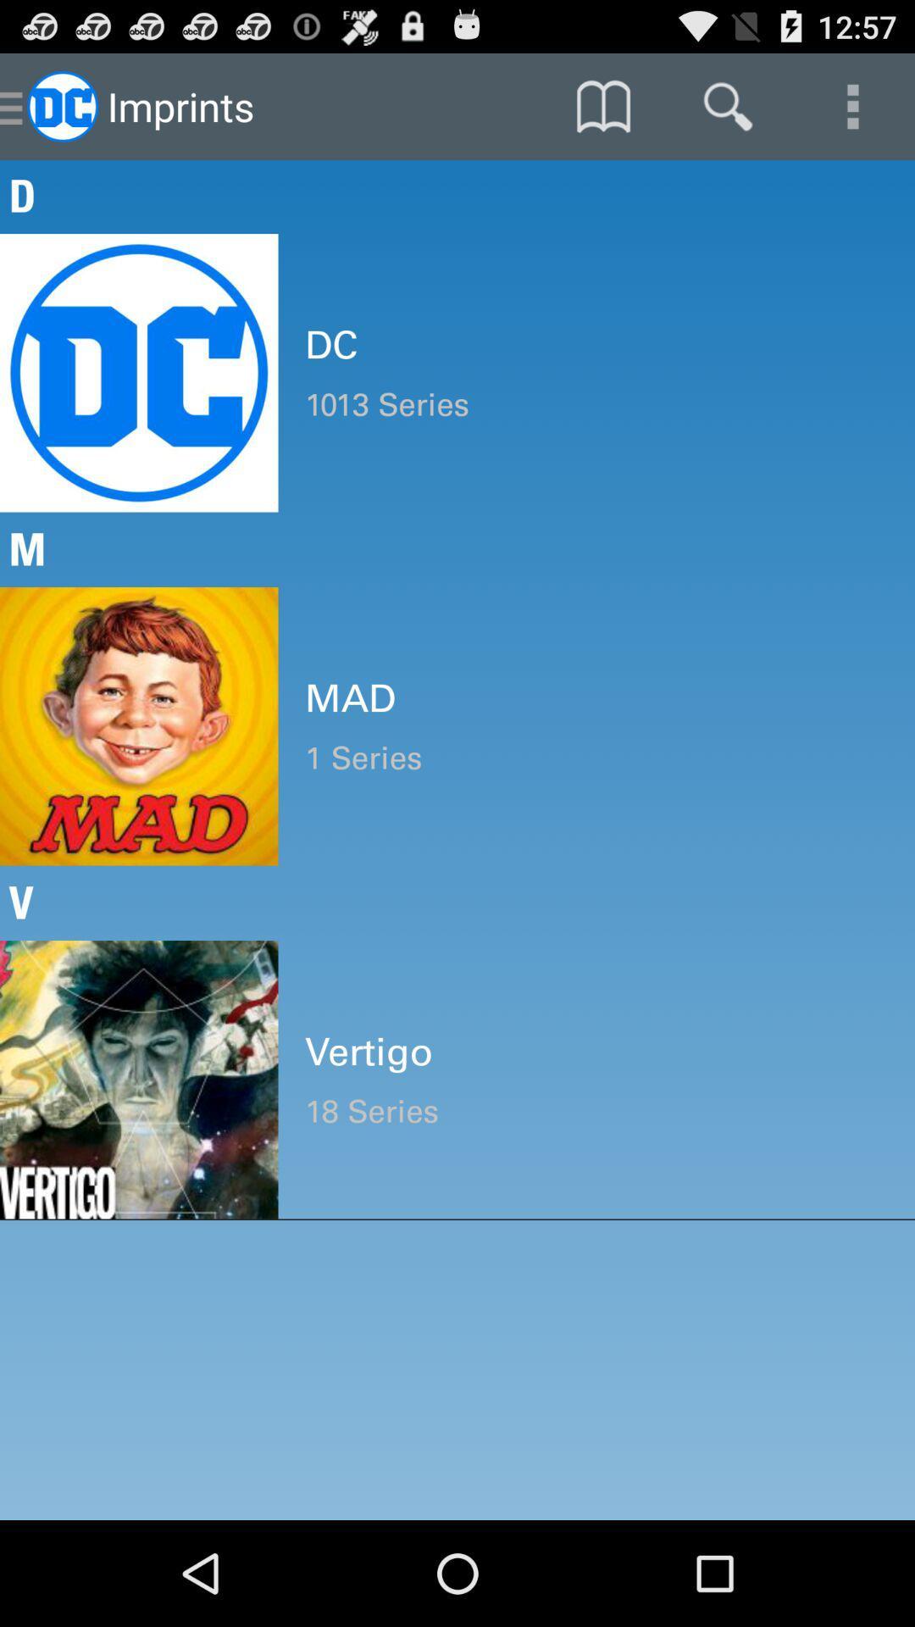 This screenshot has width=915, height=1627. Describe the element at coordinates (457, 549) in the screenshot. I see `m item` at that location.